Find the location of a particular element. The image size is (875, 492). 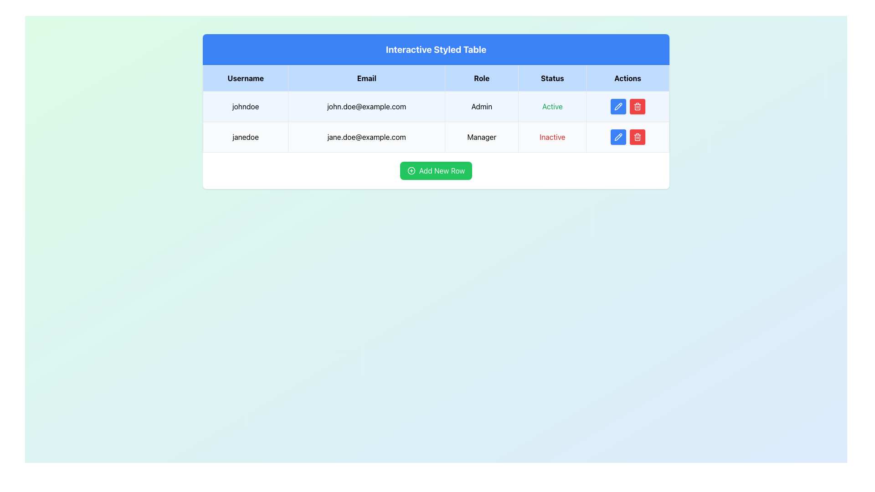

the pencil icon in the Actions column of the second row of the table is located at coordinates (618, 106).